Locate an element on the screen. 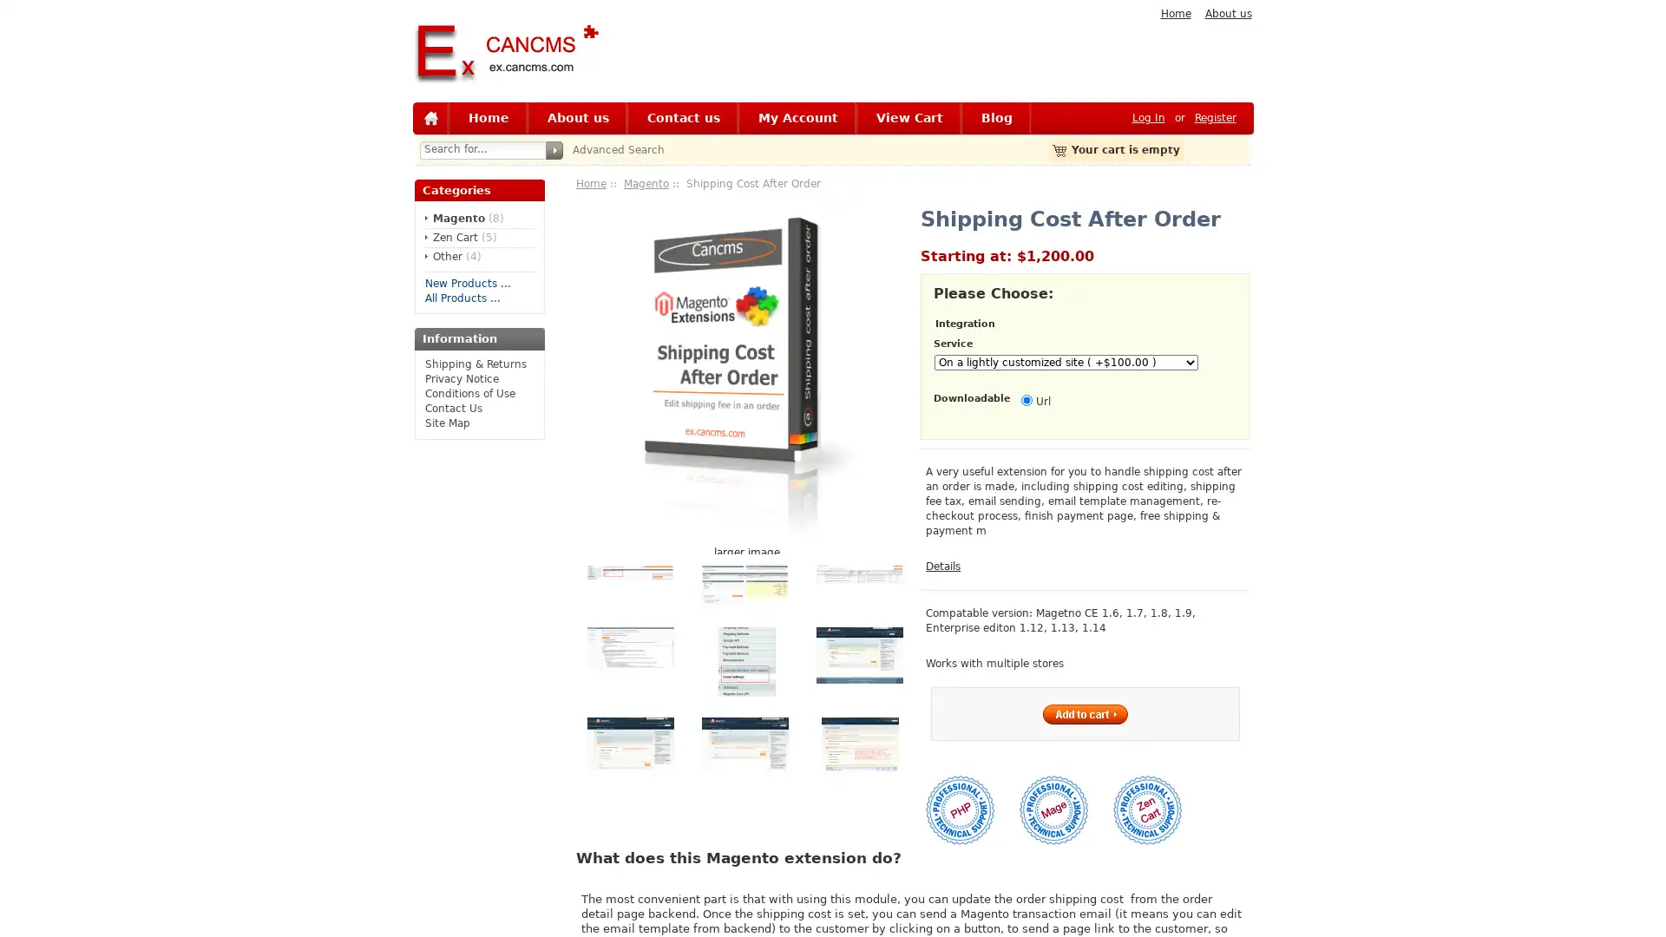 This screenshot has height=937, width=1666. Serch is located at coordinates (553, 149).